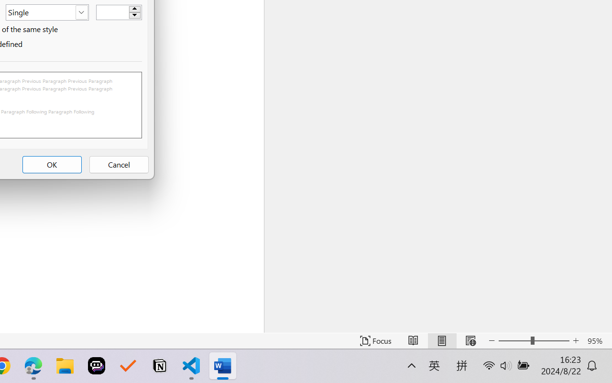 The image size is (612, 383). I want to click on 'Cancel', so click(118, 165).